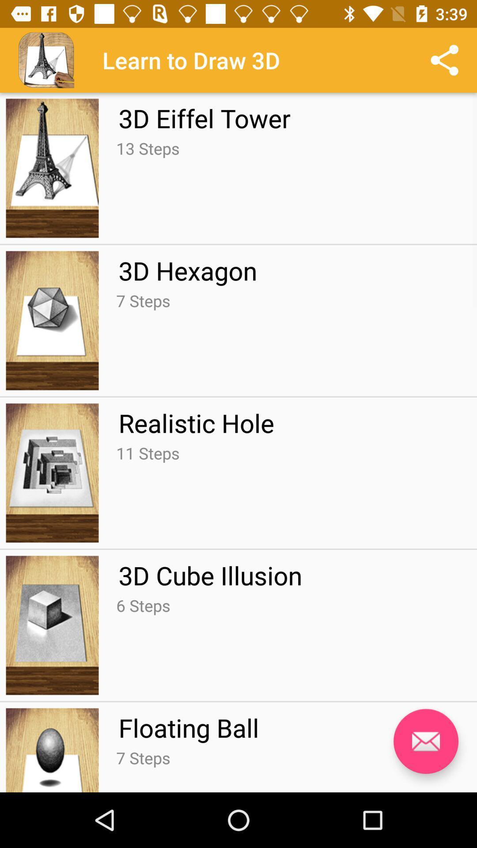 The width and height of the screenshot is (477, 848). Describe the element at coordinates (425, 741) in the screenshot. I see `the message icon which is beside floating ball` at that location.